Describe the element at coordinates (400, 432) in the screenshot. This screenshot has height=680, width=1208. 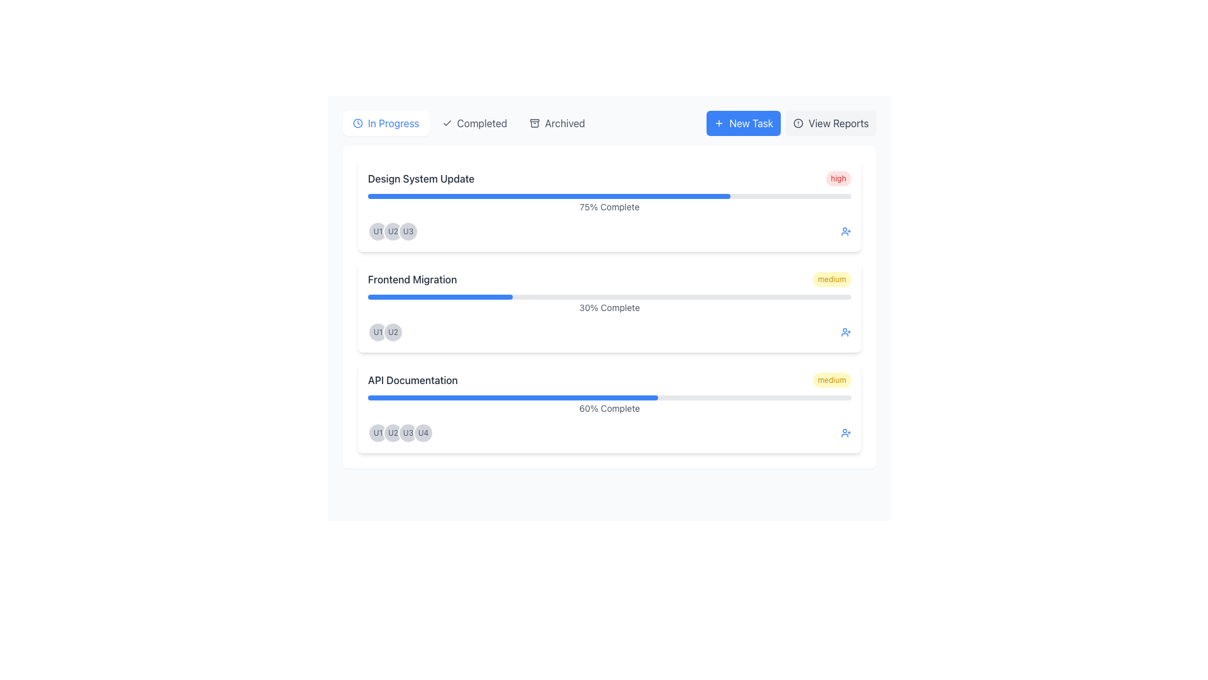
I see `the user icon in the group of avatar components labeled 'U4'` at that location.